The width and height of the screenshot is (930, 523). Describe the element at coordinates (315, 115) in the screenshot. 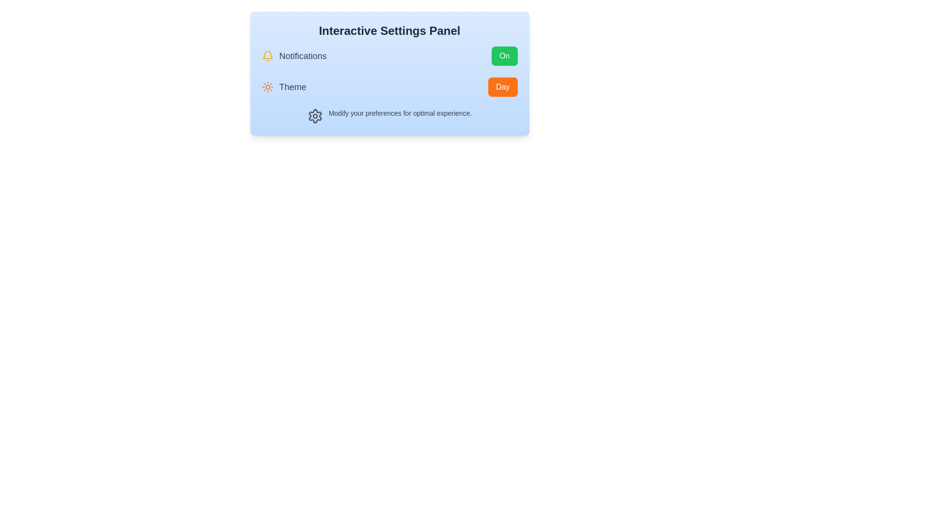

I see `the settings icon located in the bottom-left portion of the settings panel, which is directly to the left of the text 'Modify your preferences for optimal experience'` at that location.